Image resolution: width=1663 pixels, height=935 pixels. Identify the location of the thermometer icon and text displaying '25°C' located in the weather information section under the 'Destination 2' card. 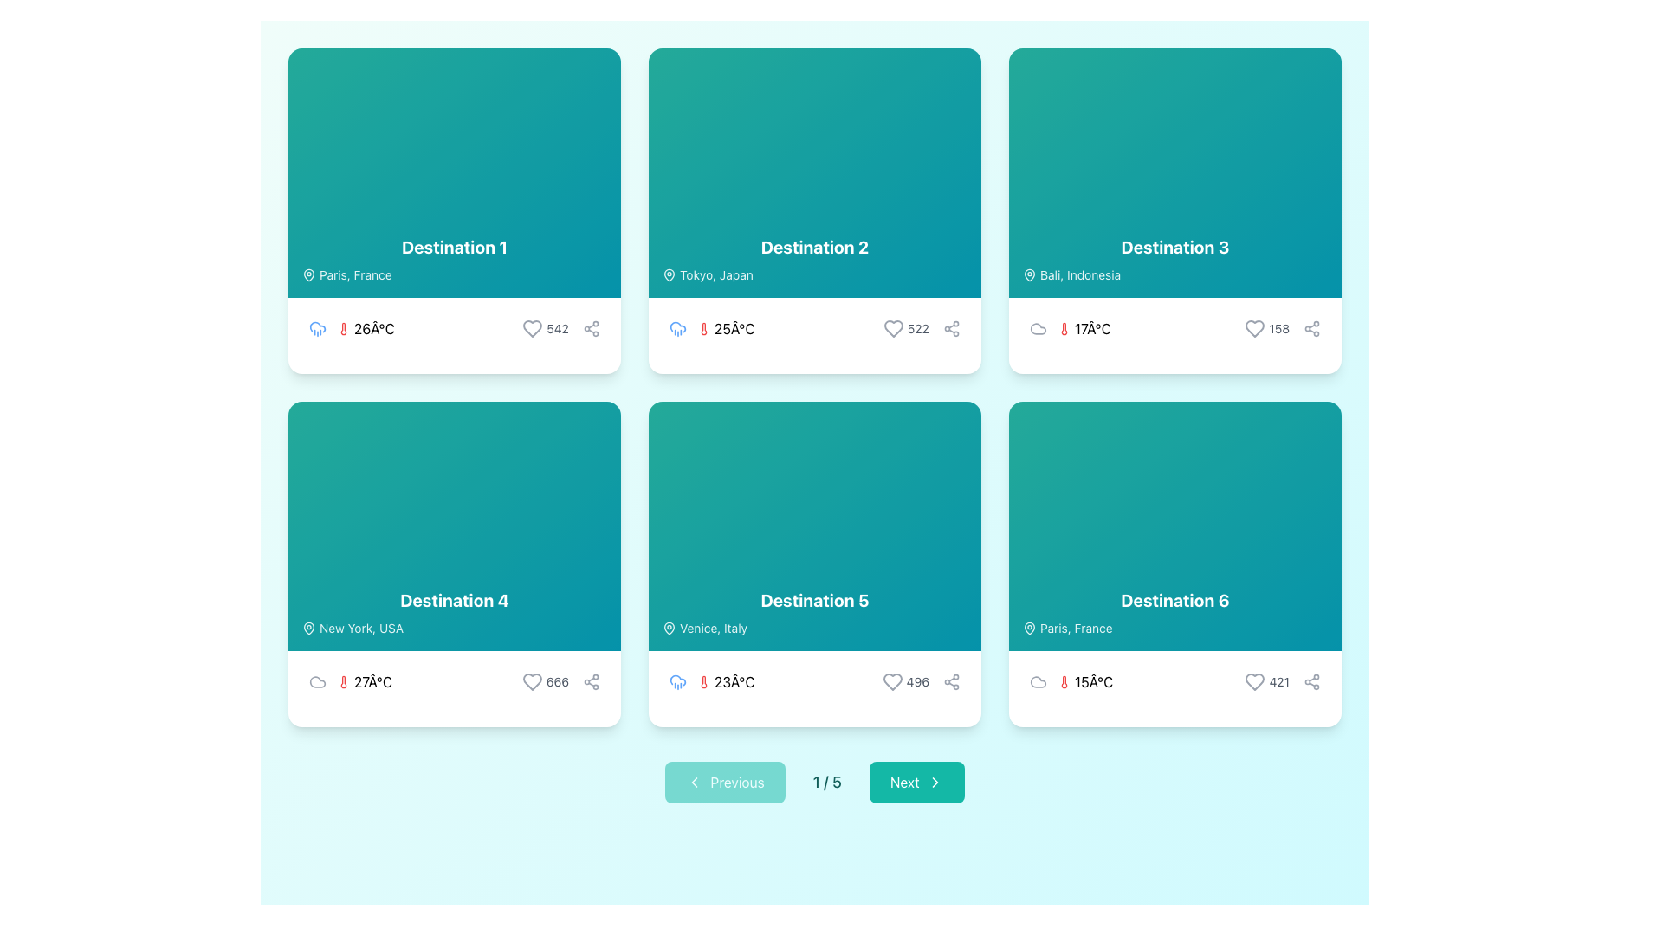
(726, 329).